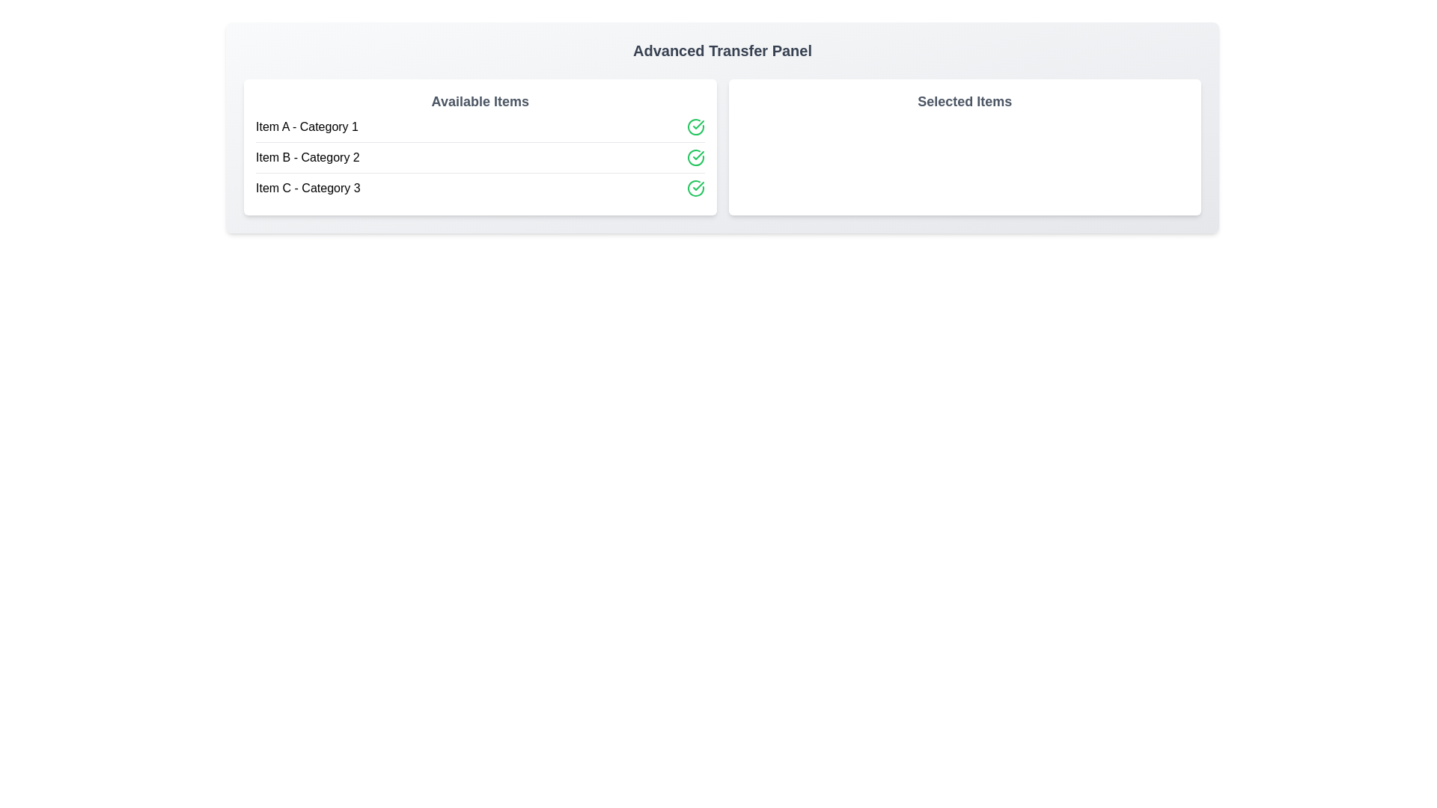  I want to click on the checkmark icon indicating selection for 'Item B - Category 2' in the Available Items list, so click(697, 123).